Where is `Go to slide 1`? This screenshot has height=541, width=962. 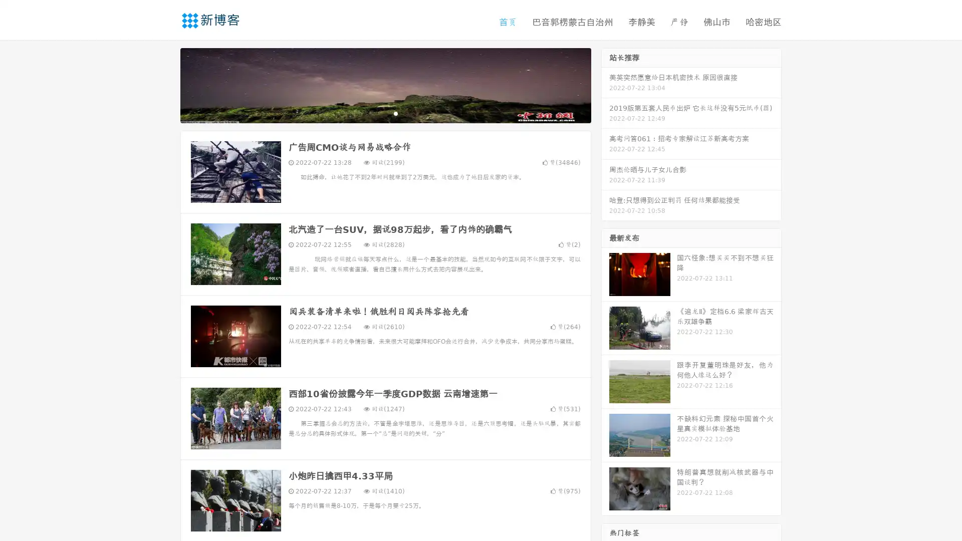 Go to slide 1 is located at coordinates (375, 113).